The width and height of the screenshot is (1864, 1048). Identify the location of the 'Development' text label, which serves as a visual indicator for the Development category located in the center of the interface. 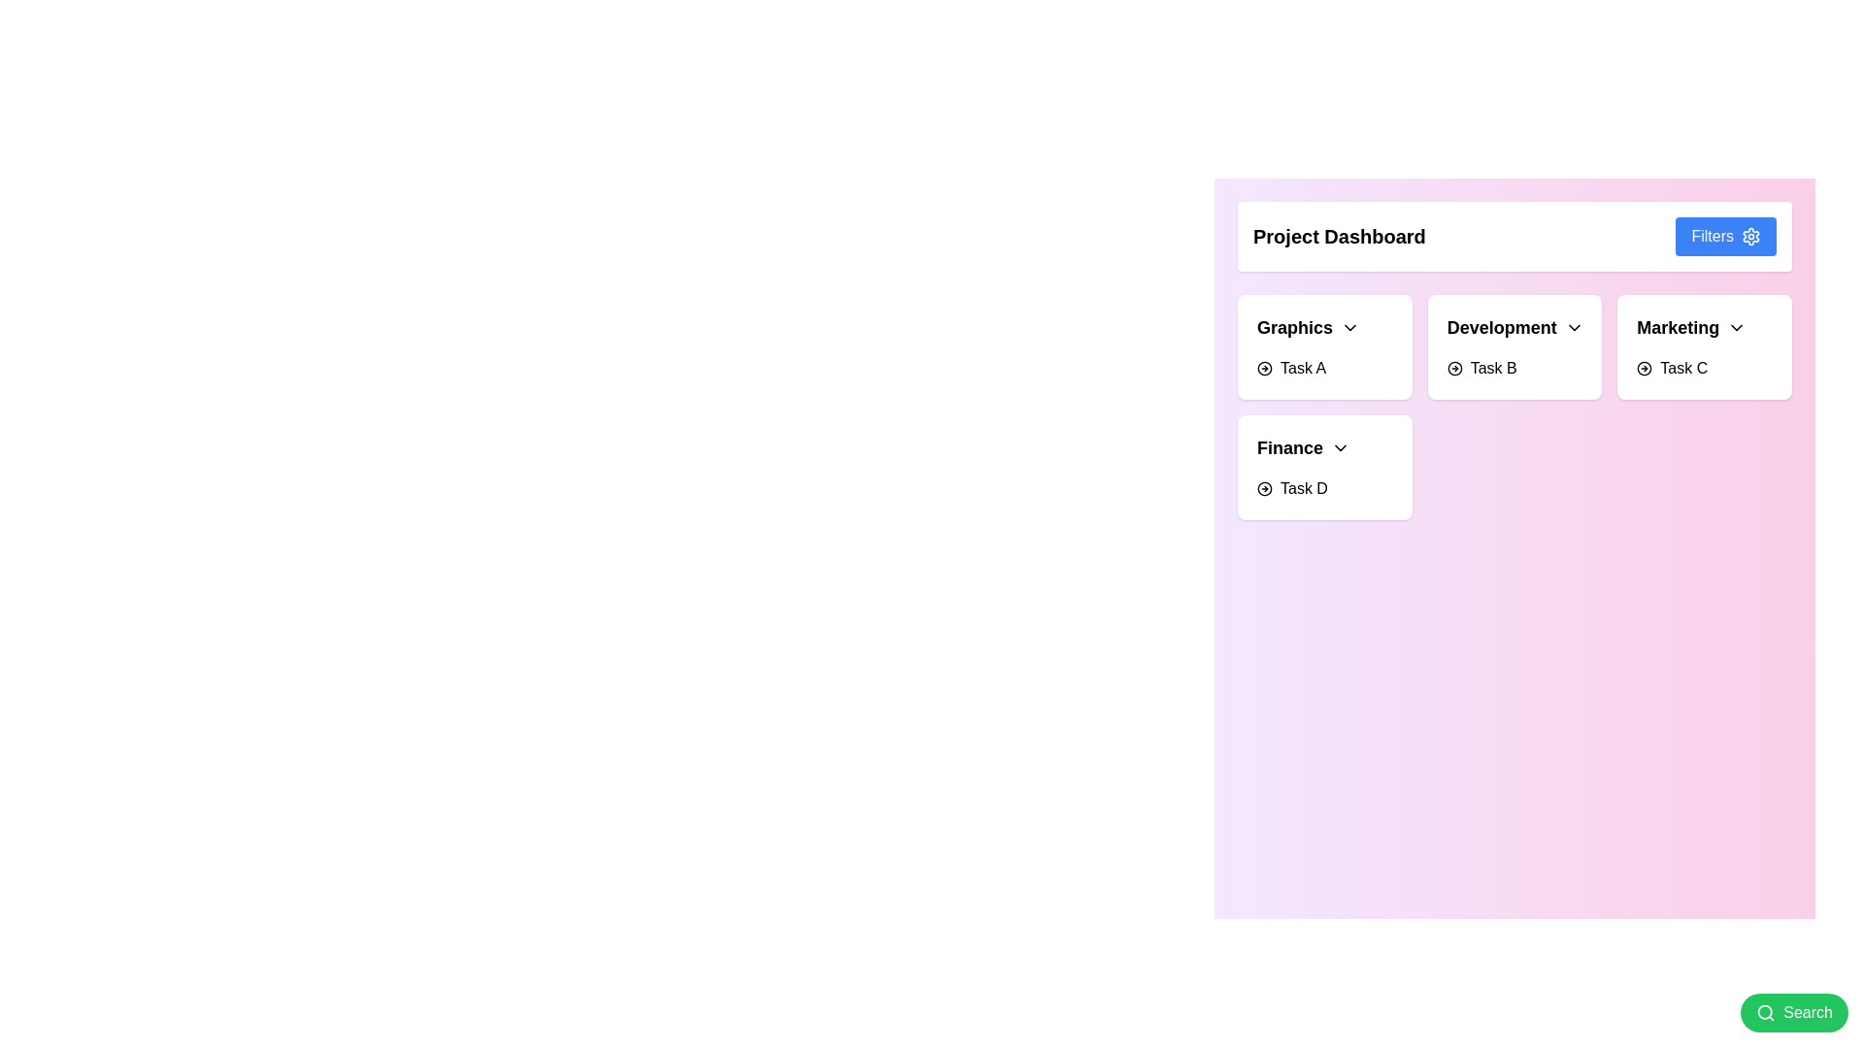
(1501, 327).